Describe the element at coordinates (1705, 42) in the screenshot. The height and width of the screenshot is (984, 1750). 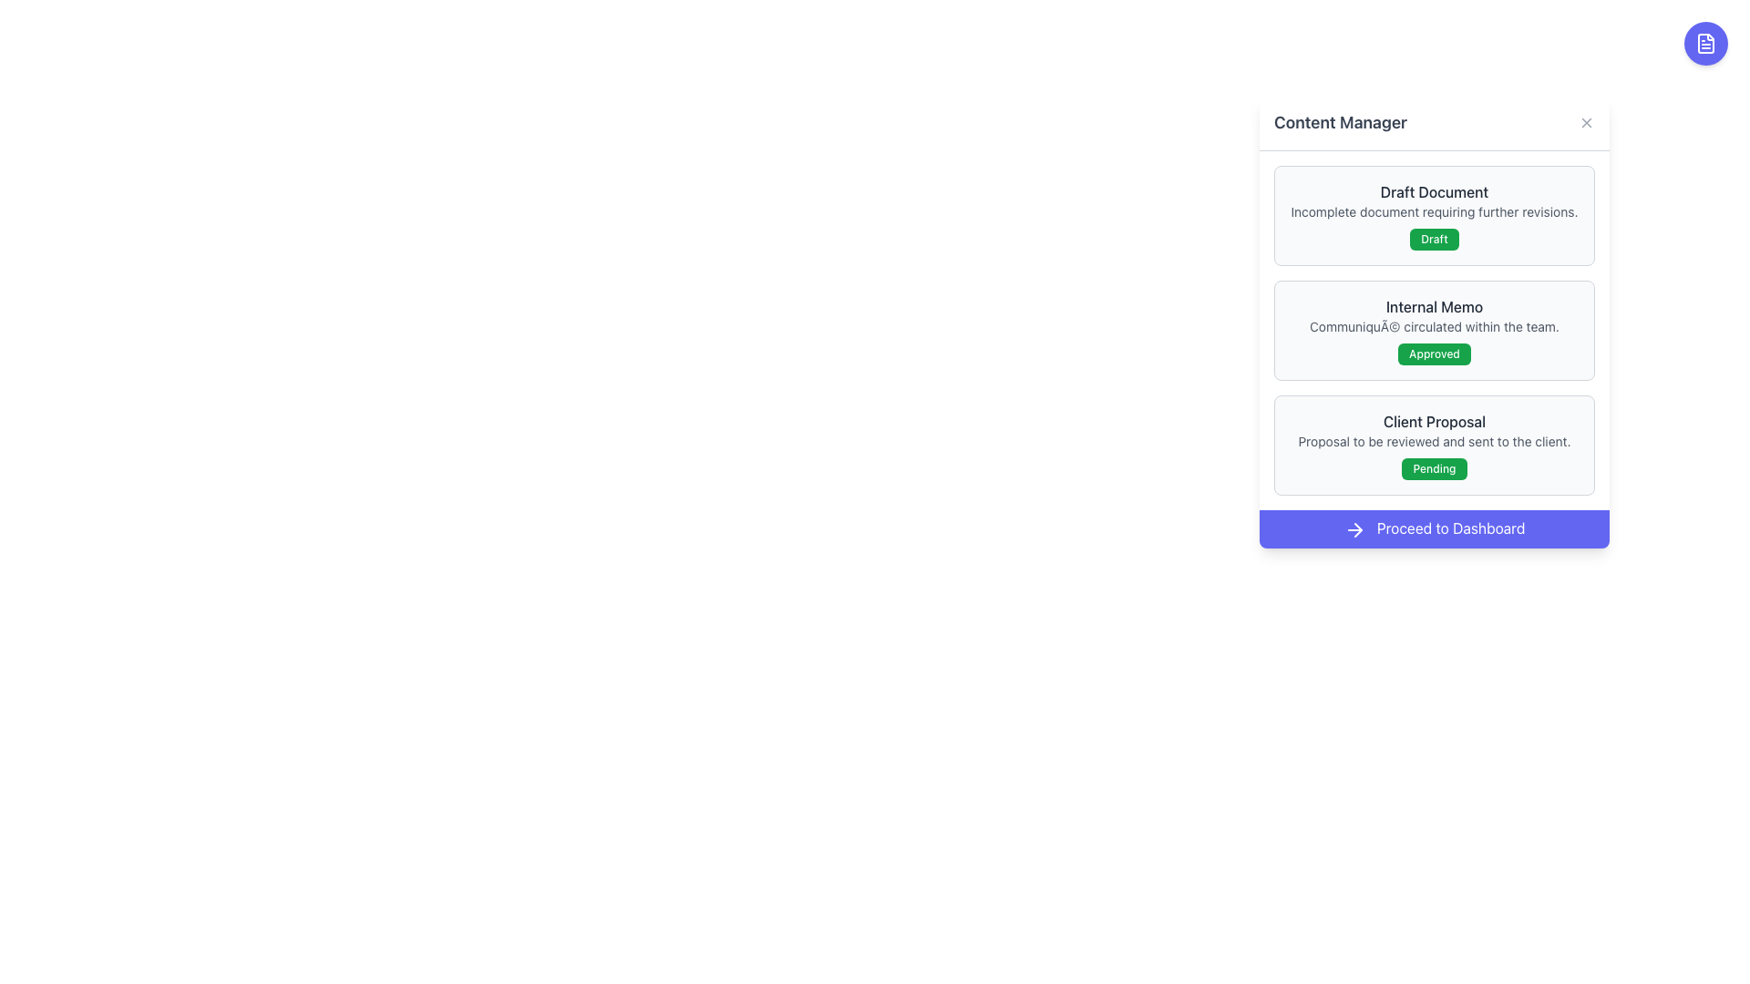
I see `the prominent action button located at the top-right corner of the interface, above the 'Content Manager' area` at that location.